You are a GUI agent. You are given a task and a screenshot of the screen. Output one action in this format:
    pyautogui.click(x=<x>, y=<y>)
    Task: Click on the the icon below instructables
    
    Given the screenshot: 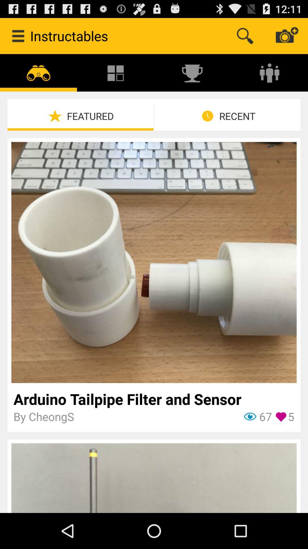 What is the action you would take?
    pyautogui.click(x=116, y=72)
    